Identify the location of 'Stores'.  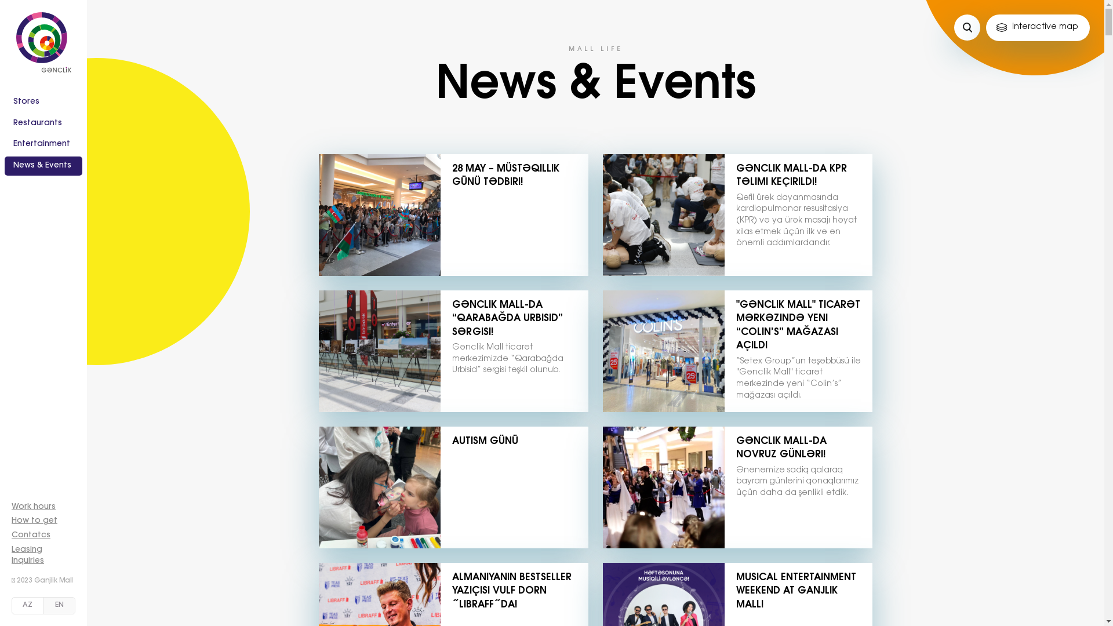
(43, 102).